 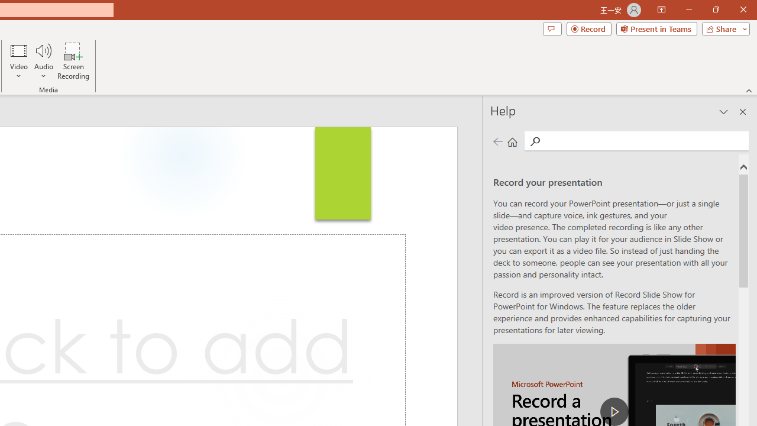 I want to click on 'Previous page', so click(x=497, y=141).